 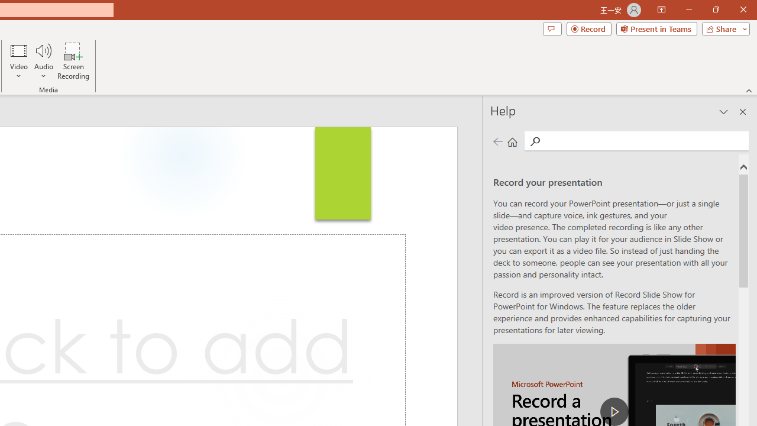 I want to click on 'Previous page', so click(x=497, y=141).